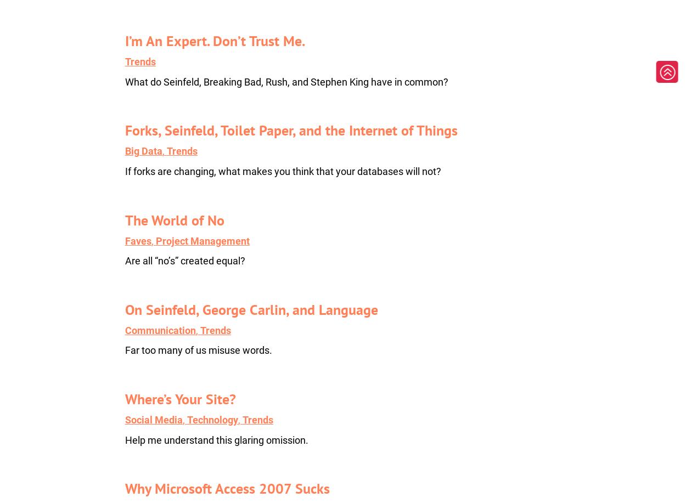  Describe the element at coordinates (291, 129) in the screenshot. I see `'Forks, Seinfeld, Toilet Paper, and the Internet of Things'` at that location.